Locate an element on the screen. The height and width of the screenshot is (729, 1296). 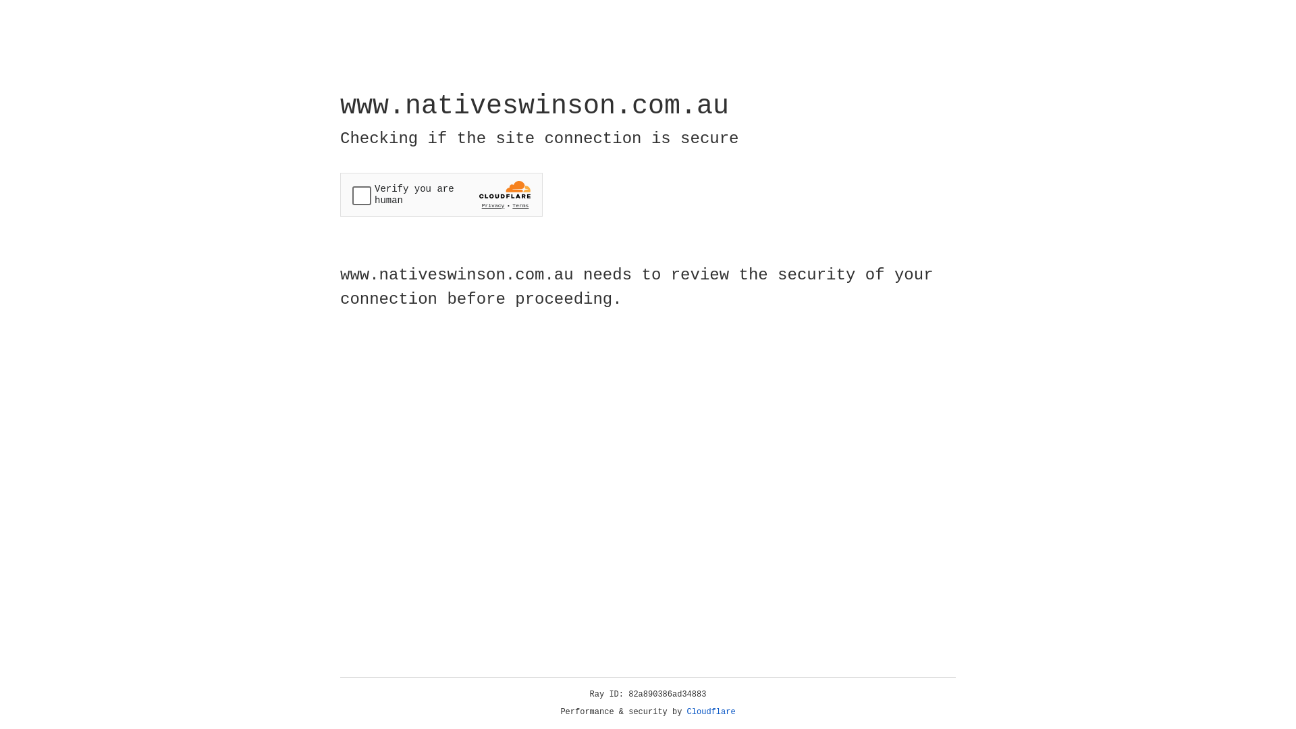
'Cloudflare' is located at coordinates (711, 711).